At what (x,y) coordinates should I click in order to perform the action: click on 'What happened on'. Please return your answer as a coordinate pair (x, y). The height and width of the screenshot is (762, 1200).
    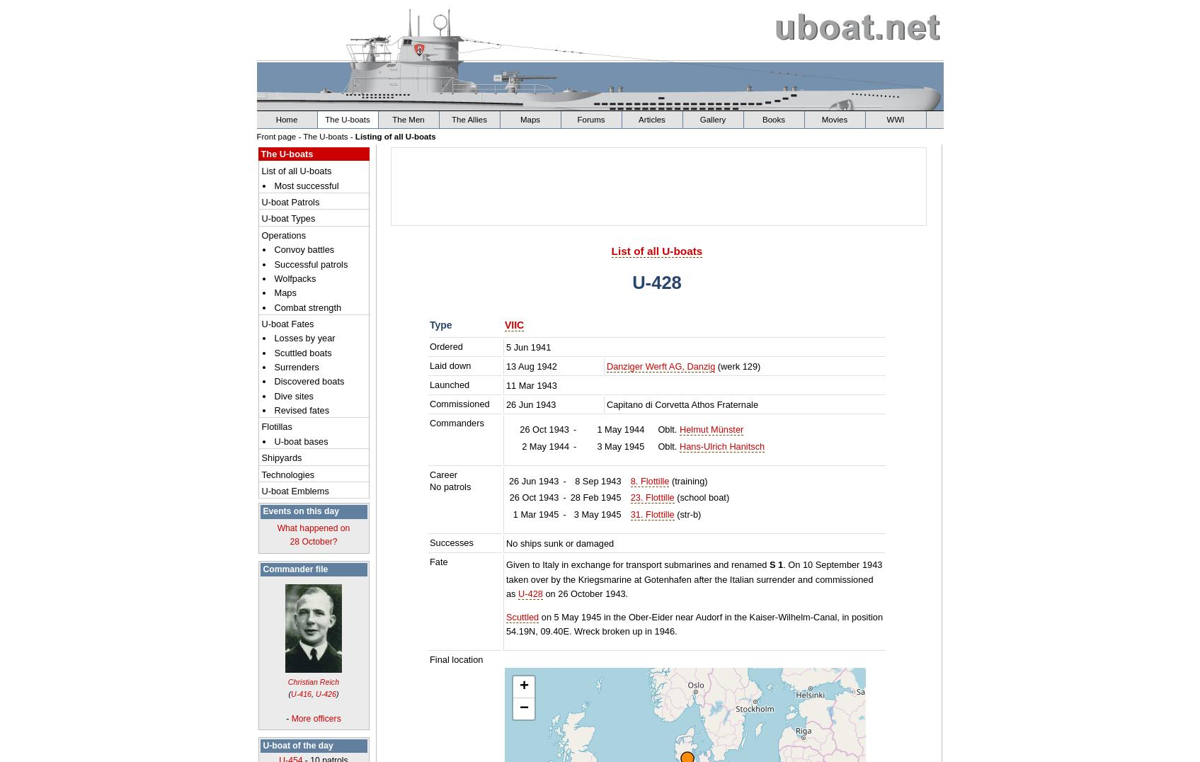
    Looking at the image, I should click on (313, 527).